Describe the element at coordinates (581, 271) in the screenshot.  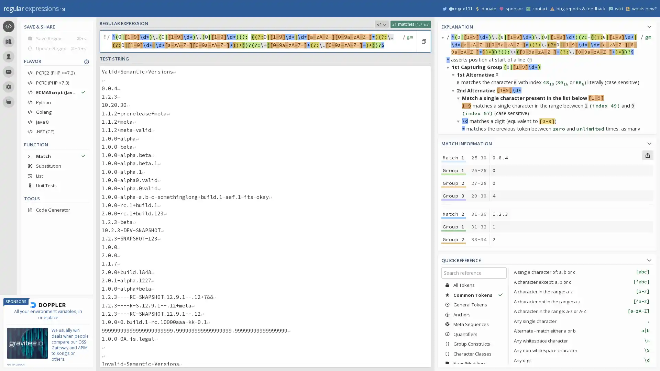
I see `A single character of: a, b or c [abc]` at that location.